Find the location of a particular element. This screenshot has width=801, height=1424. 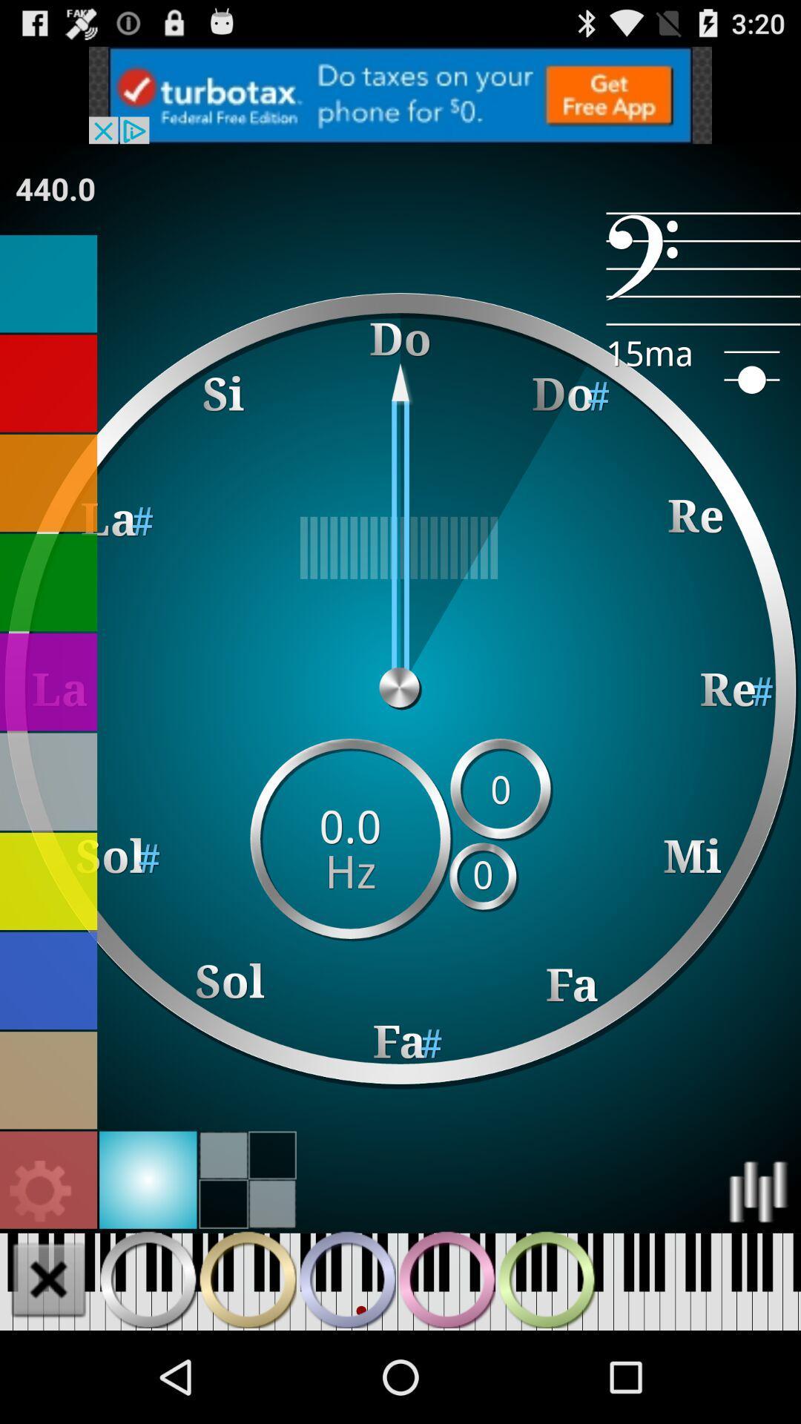

paino is located at coordinates (247, 1279).